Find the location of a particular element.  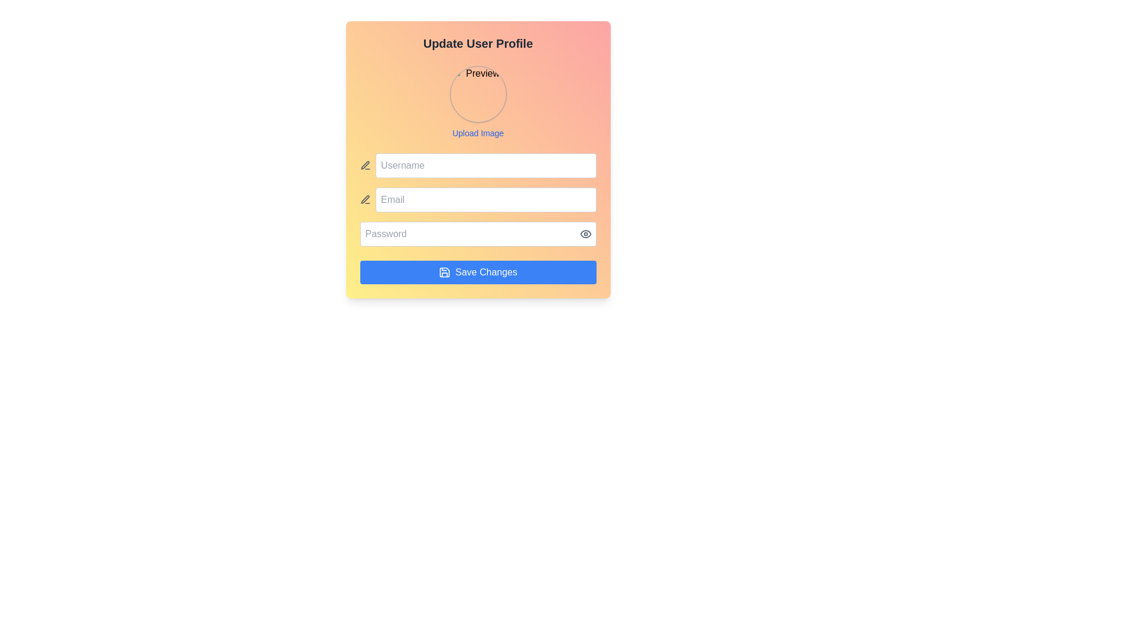

the 'Upload Image' link located below the circular image placeholder labeled 'Preview' to initiate the upload process is located at coordinates (478, 133).